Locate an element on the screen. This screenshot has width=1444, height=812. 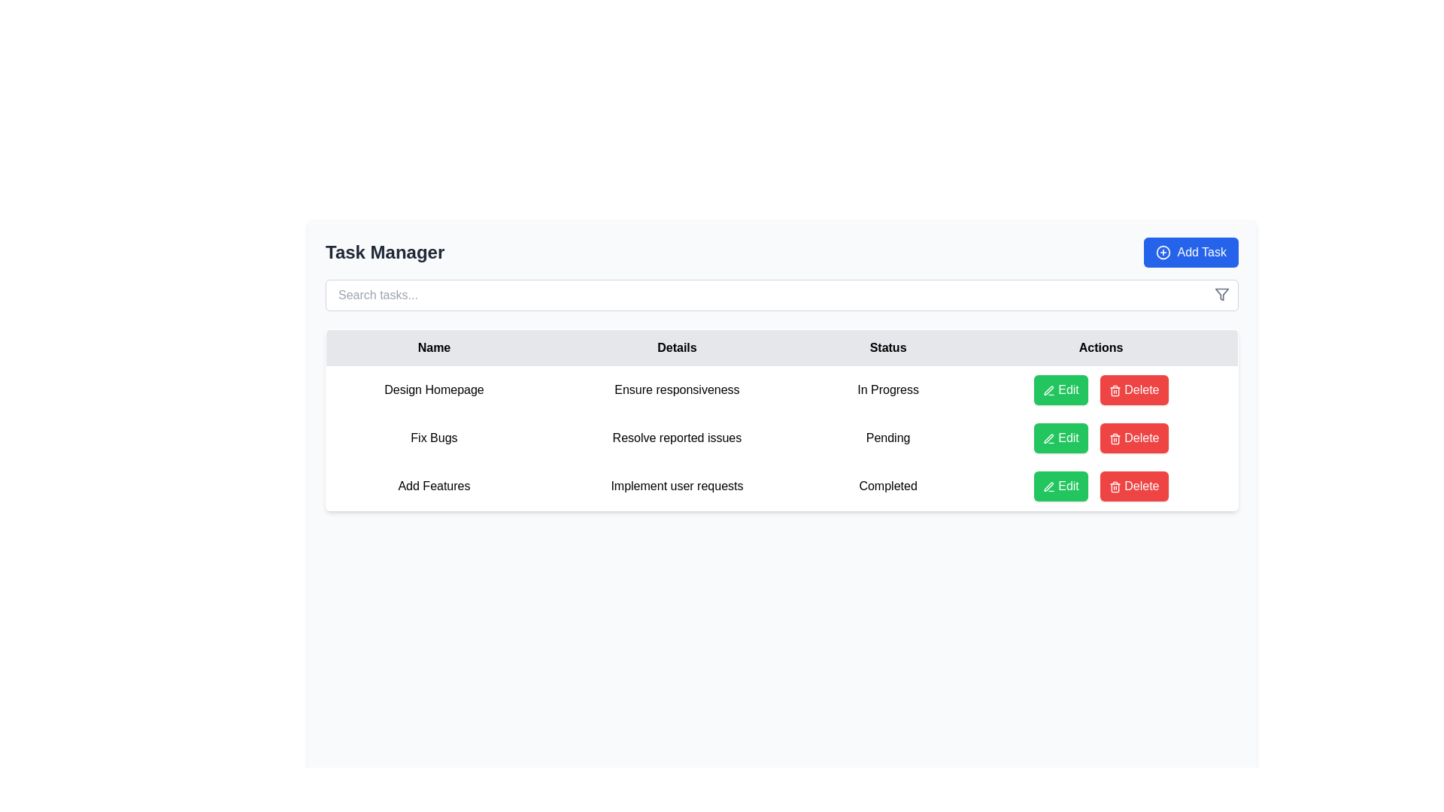
the SVG circle element located inside the 'Add Task' button in the top-right corner of the interface is located at coordinates (1163, 251).